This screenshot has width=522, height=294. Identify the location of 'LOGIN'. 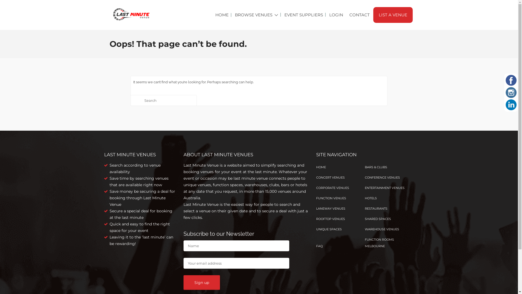
(335, 14).